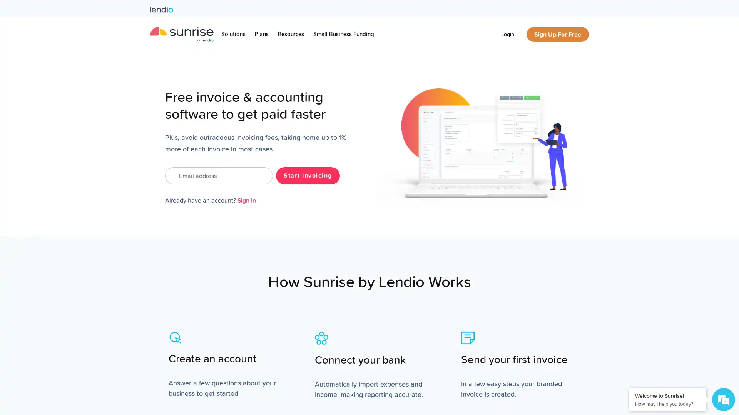  Describe the element at coordinates (307, 175) in the screenshot. I see `Start Invoicing` at that location.